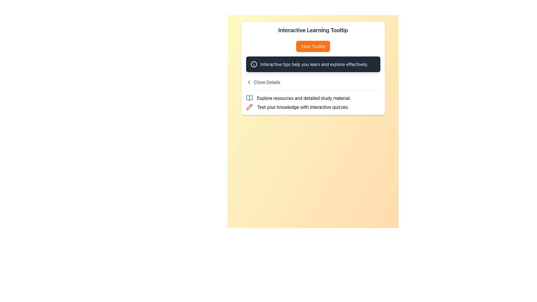  I want to click on the clickable link that reads 'Explore resources and detailed study material.' with an open book icon, so click(313, 98).